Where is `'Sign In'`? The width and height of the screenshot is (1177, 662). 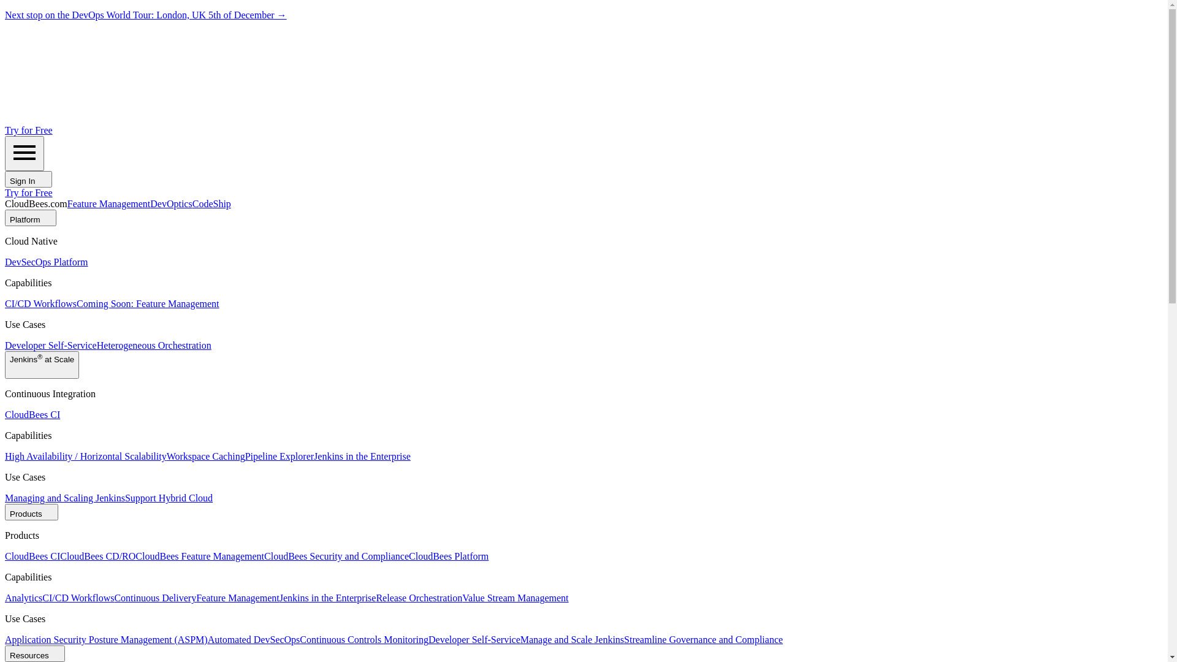
'Sign In' is located at coordinates (5, 179).